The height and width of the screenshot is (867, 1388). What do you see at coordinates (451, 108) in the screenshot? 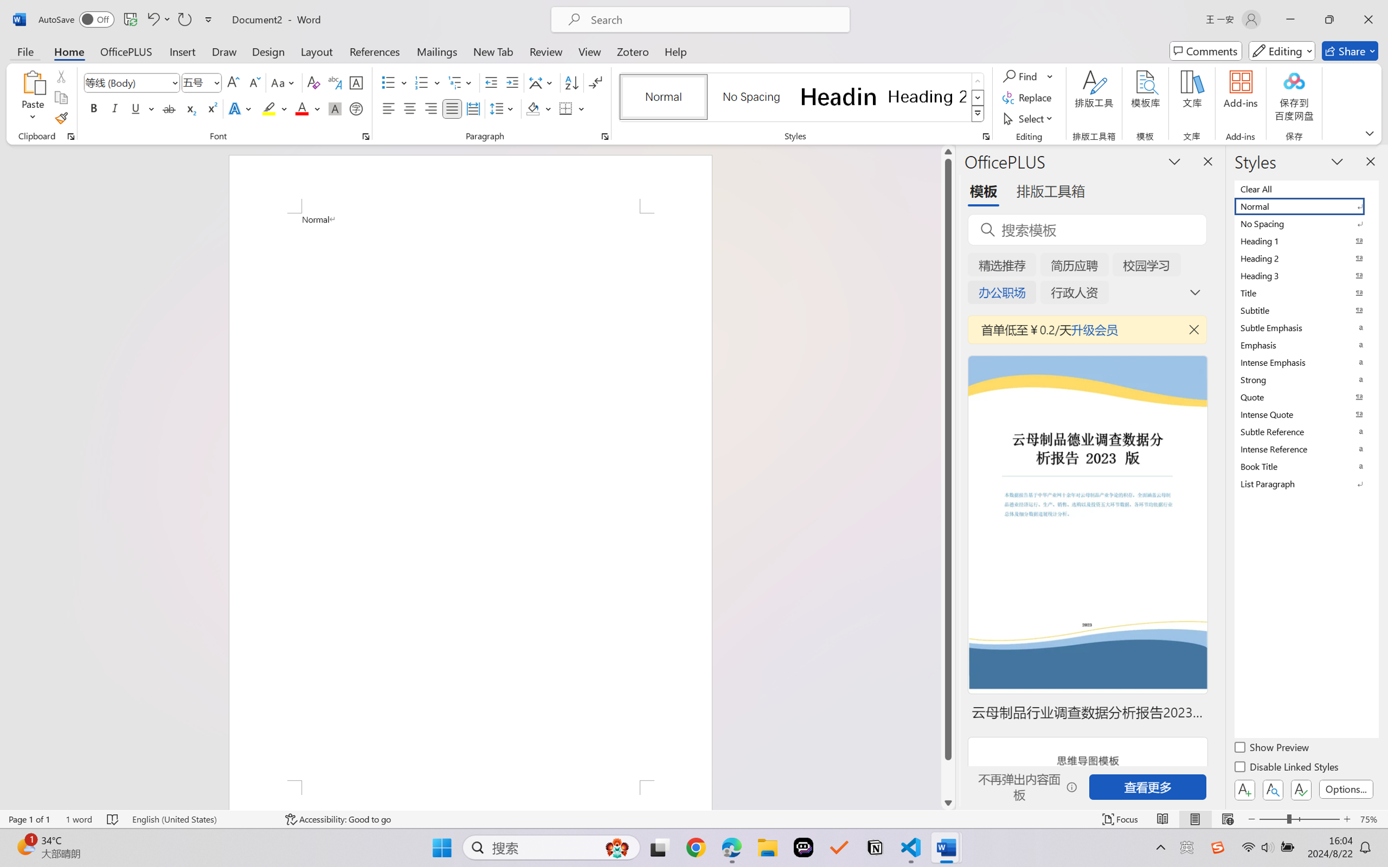
I see `'Justify'` at bounding box center [451, 108].